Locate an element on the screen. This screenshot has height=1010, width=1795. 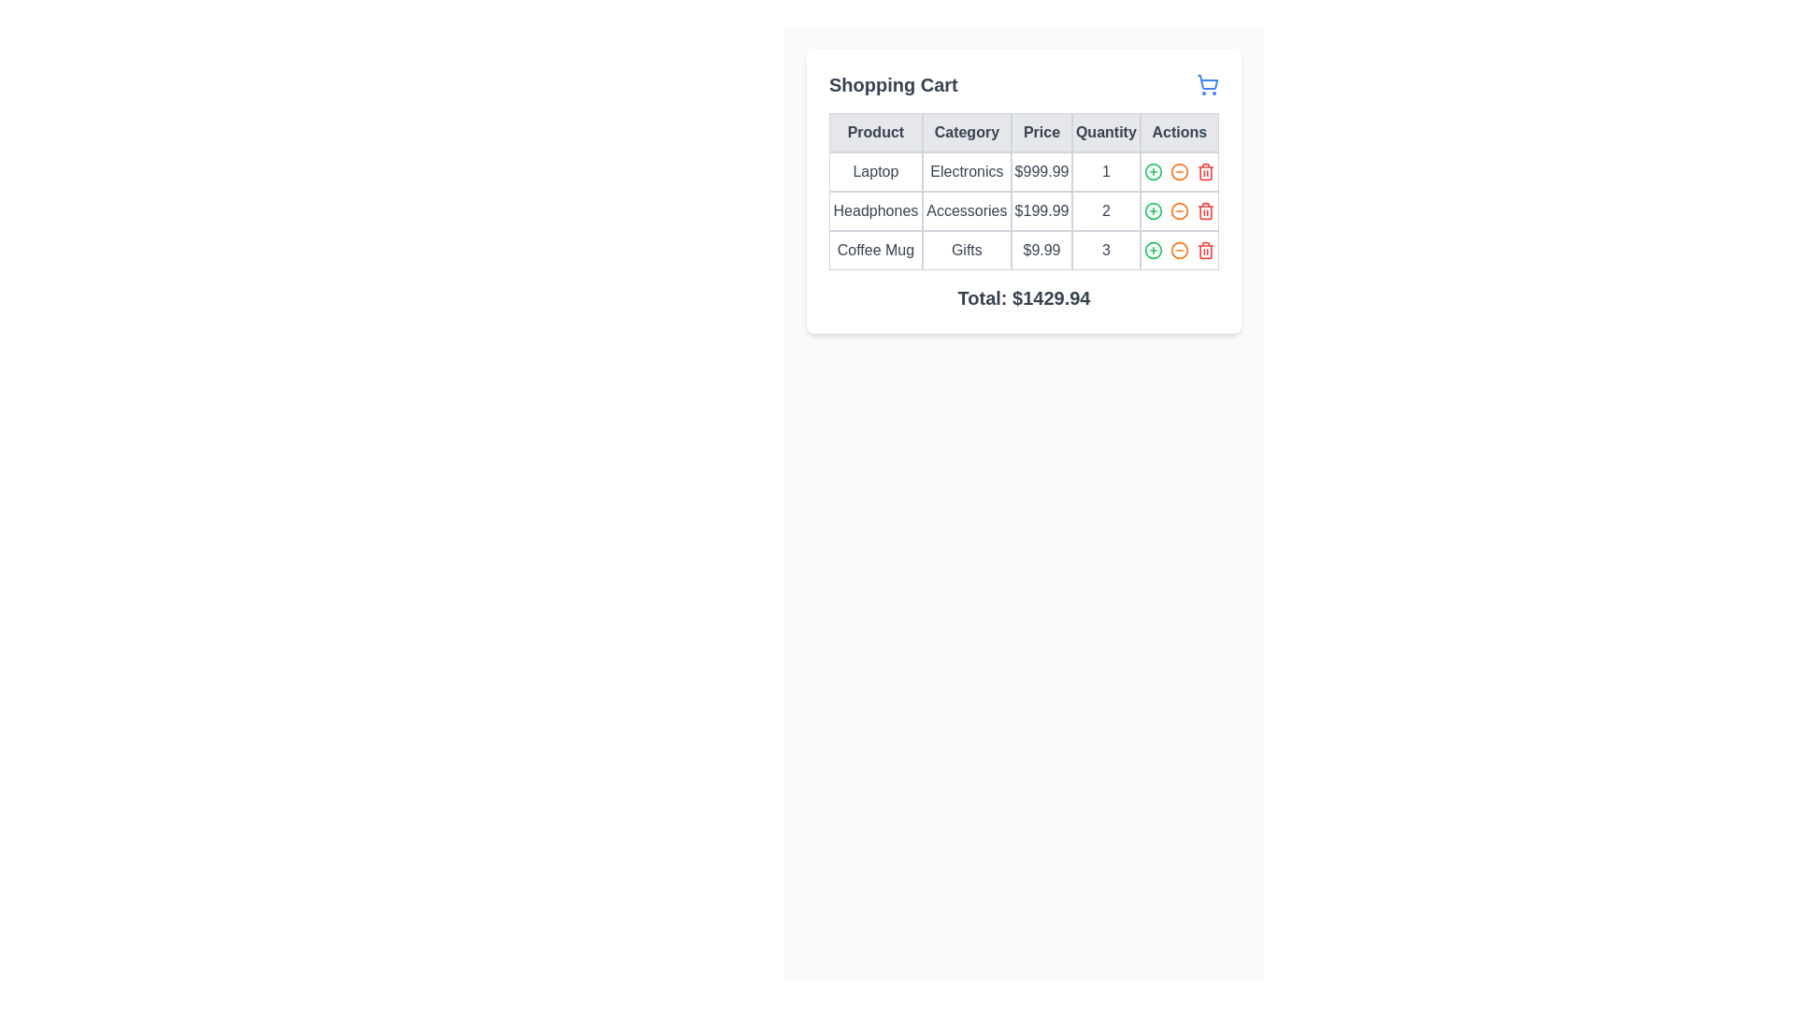
the small circular button with an orange border and a central orange horizontal line, which represents a minus action, to decrease the item quantity is located at coordinates (1178, 210).